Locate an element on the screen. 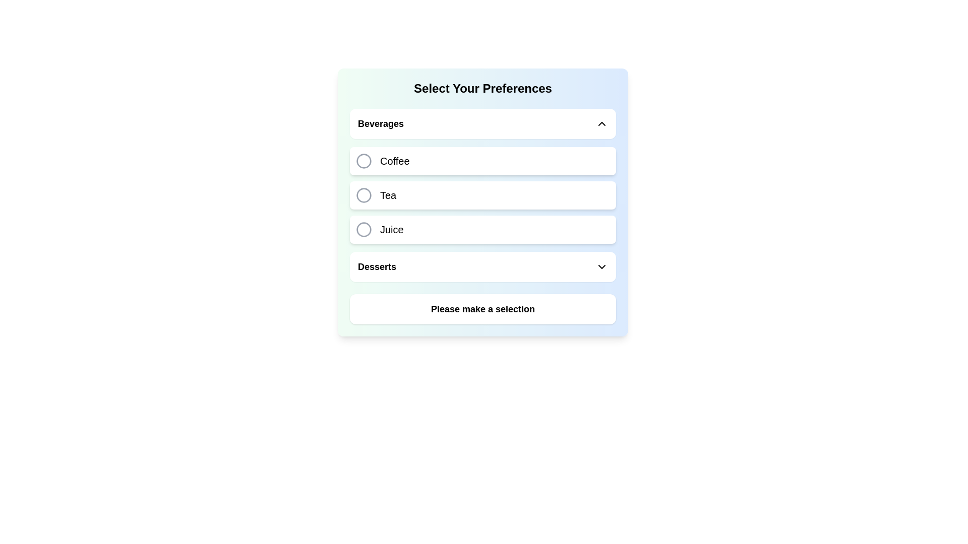  the Dropdown toggle labeled 'Beverages' is located at coordinates (482, 123).